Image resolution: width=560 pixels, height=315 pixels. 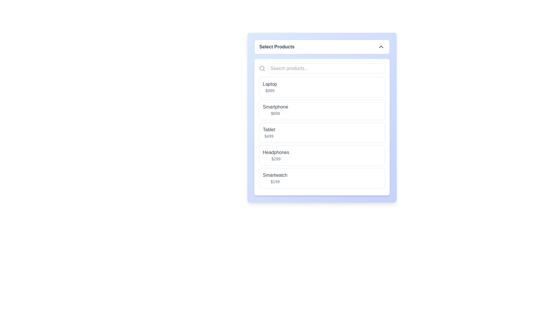 What do you see at coordinates (275, 113) in the screenshot?
I see `the text label displaying the price "$699" located directly under the label "Smartphone"` at bounding box center [275, 113].